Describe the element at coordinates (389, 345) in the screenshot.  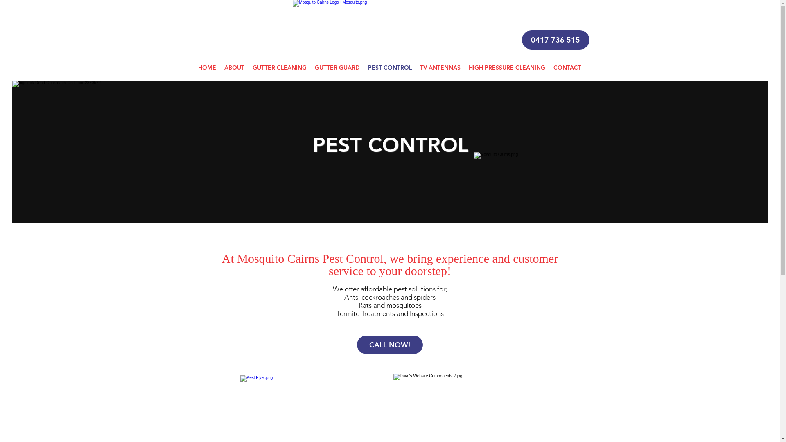
I see `'CALL NOW!'` at that location.